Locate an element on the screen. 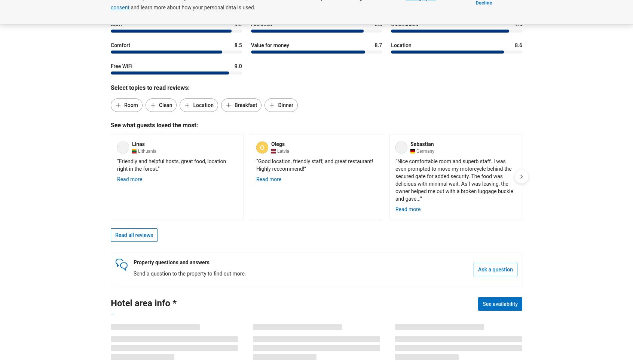 This screenshot has height=362, width=633. 'Staff' is located at coordinates (116, 24).